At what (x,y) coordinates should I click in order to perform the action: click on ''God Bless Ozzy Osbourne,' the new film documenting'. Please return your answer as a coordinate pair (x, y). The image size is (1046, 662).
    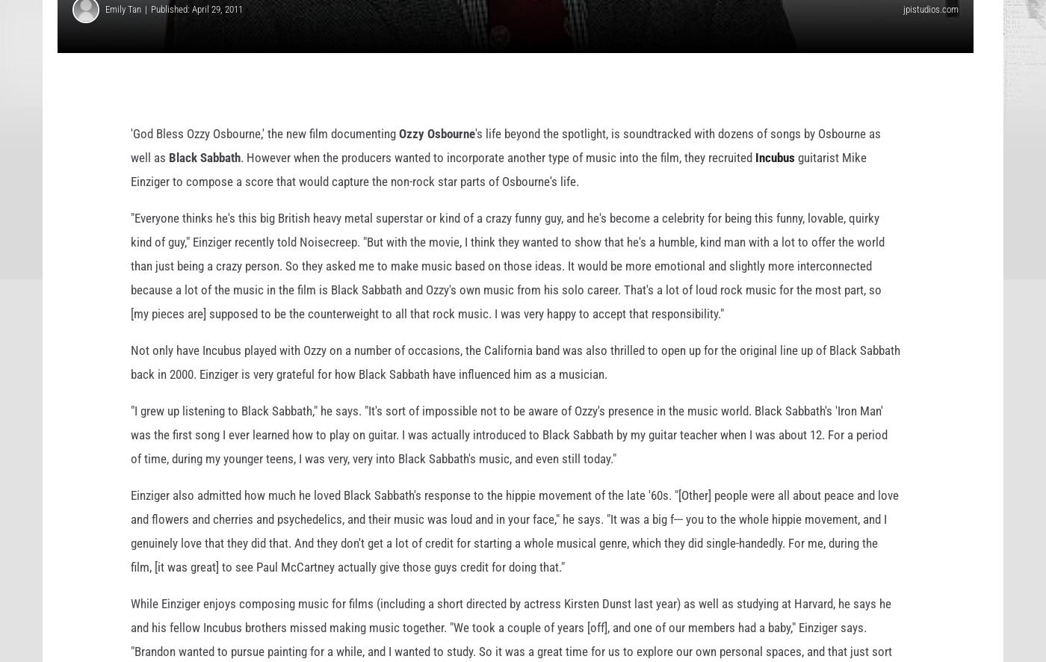
    Looking at the image, I should click on (264, 157).